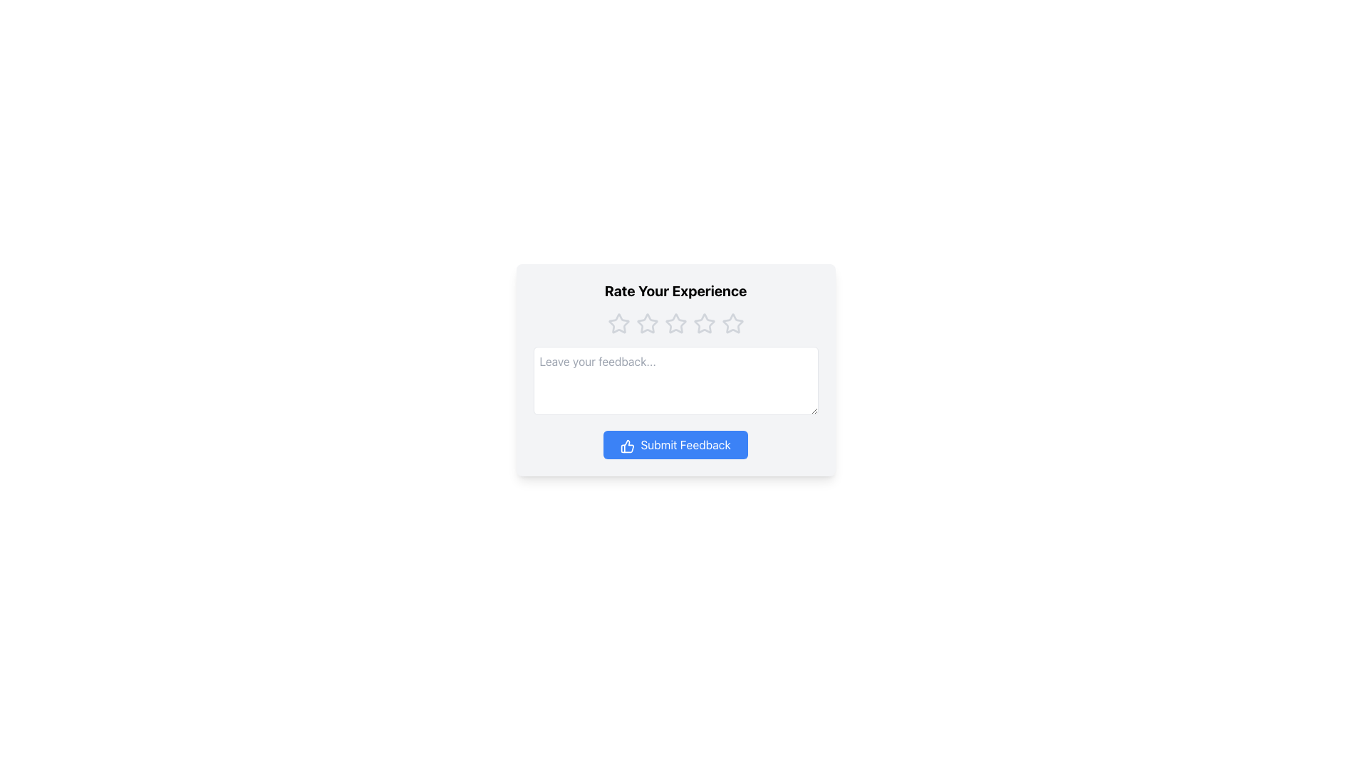 The image size is (1368, 769). What do you see at coordinates (618, 324) in the screenshot?
I see `the first star icon used for rating, which is located below the title 'Rate Your Experience', to trigger a tooltip or visual feedback` at bounding box center [618, 324].